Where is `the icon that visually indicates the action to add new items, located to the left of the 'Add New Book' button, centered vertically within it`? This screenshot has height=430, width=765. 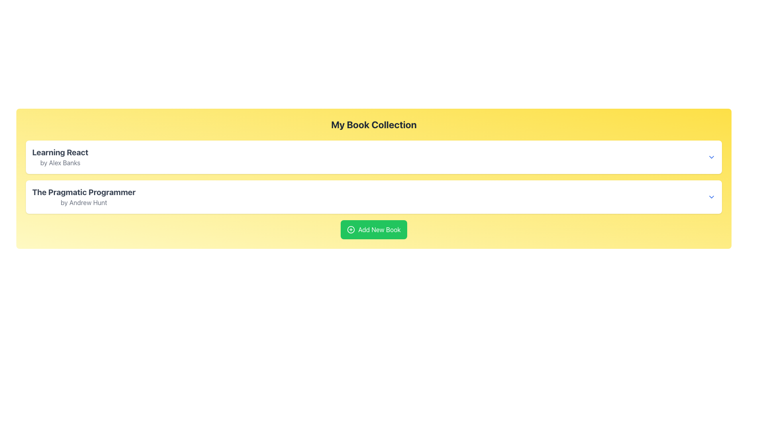 the icon that visually indicates the action to add new items, located to the left of the 'Add New Book' button, centered vertically within it is located at coordinates (351, 230).